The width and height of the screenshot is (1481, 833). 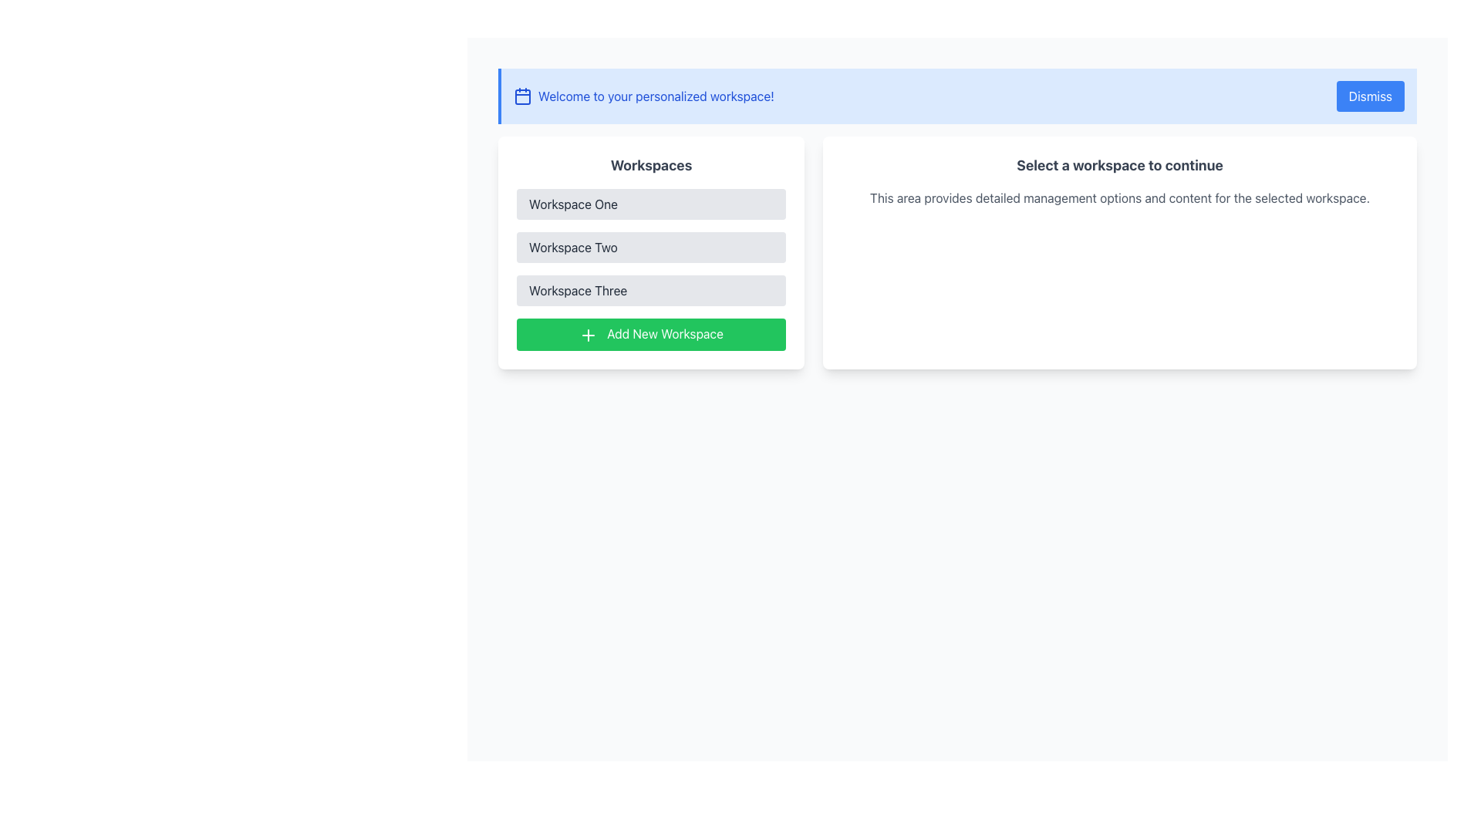 I want to click on the selectable item representing 'Workspace Two' in the vertical list of workspaces located on the left side of the interface, so click(x=651, y=246).